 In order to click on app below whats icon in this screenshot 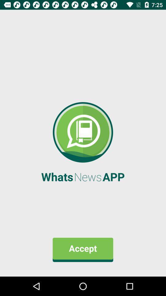, I will do `click(83, 250)`.